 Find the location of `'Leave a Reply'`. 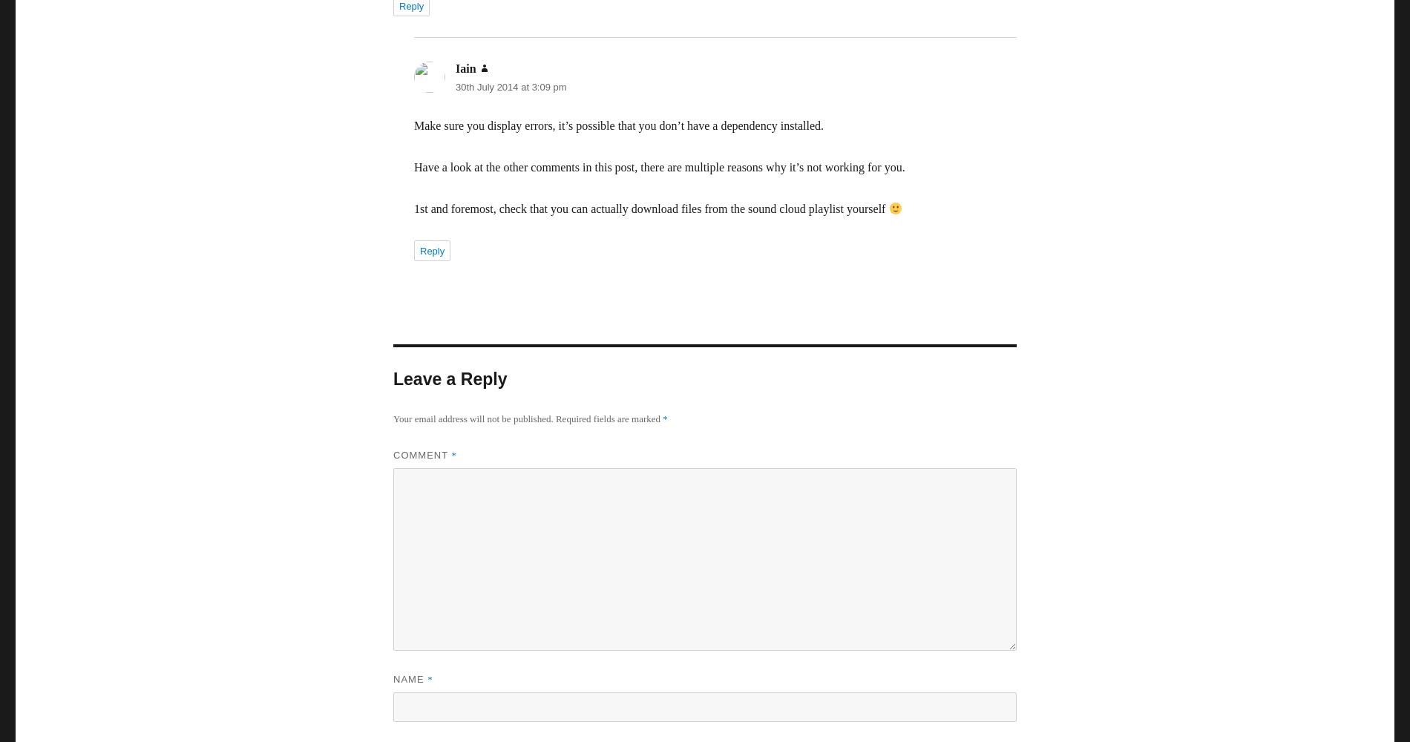

'Leave a Reply' is located at coordinates (450, 379).